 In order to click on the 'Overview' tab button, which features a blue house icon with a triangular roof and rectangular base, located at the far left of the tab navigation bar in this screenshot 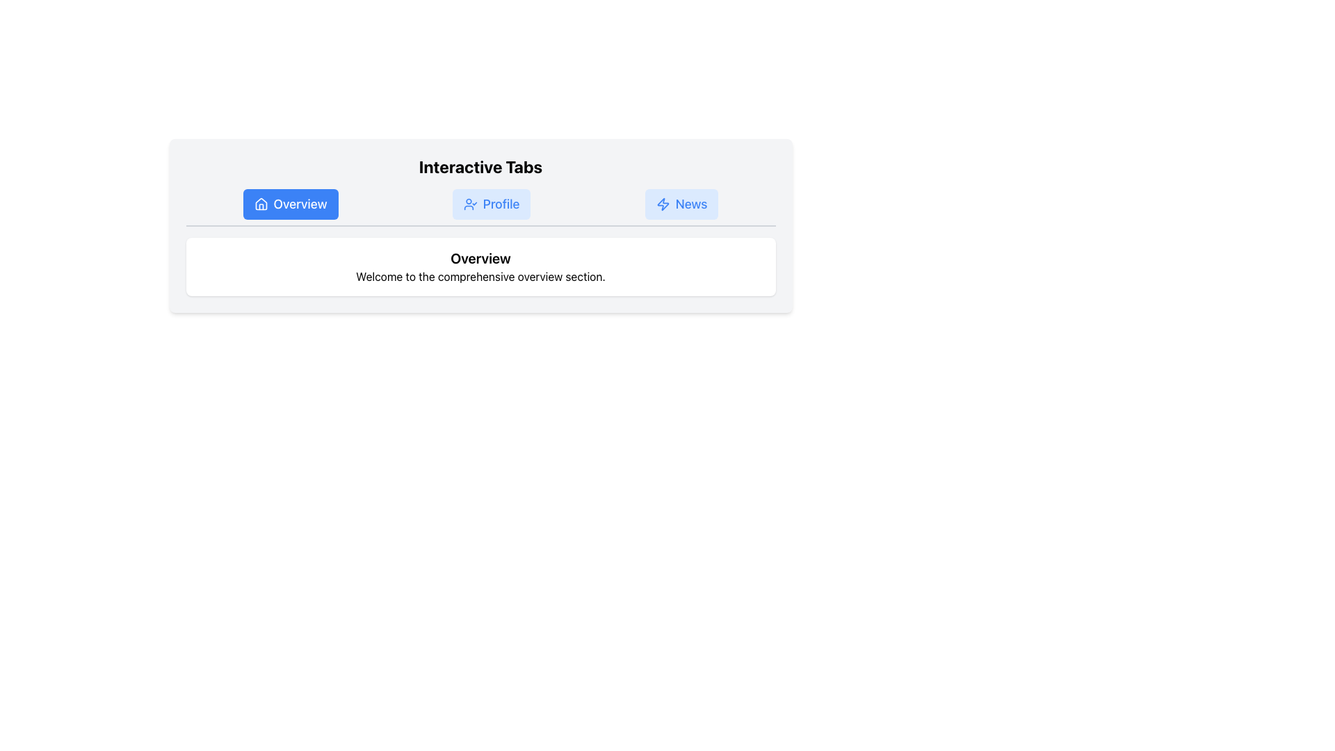, I will do `click(261, 204)`.